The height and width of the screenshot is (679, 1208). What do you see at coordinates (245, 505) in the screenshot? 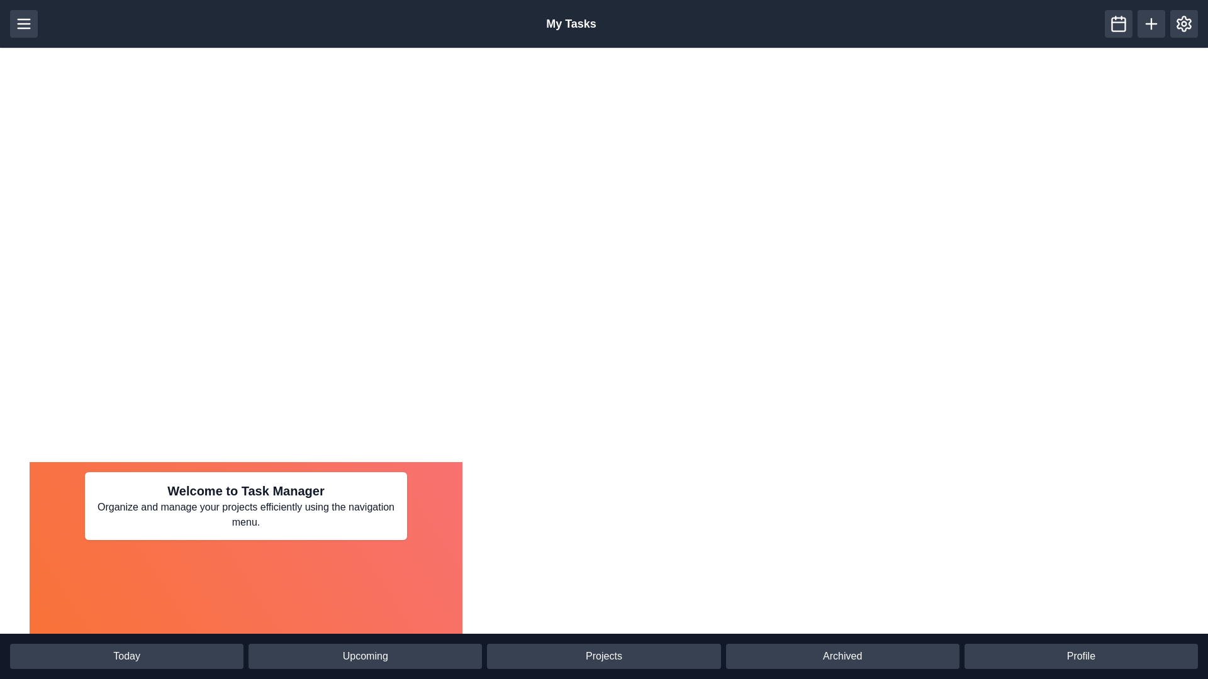
I see `the welcome text section to interact with it` at bounding box center [245, 505].